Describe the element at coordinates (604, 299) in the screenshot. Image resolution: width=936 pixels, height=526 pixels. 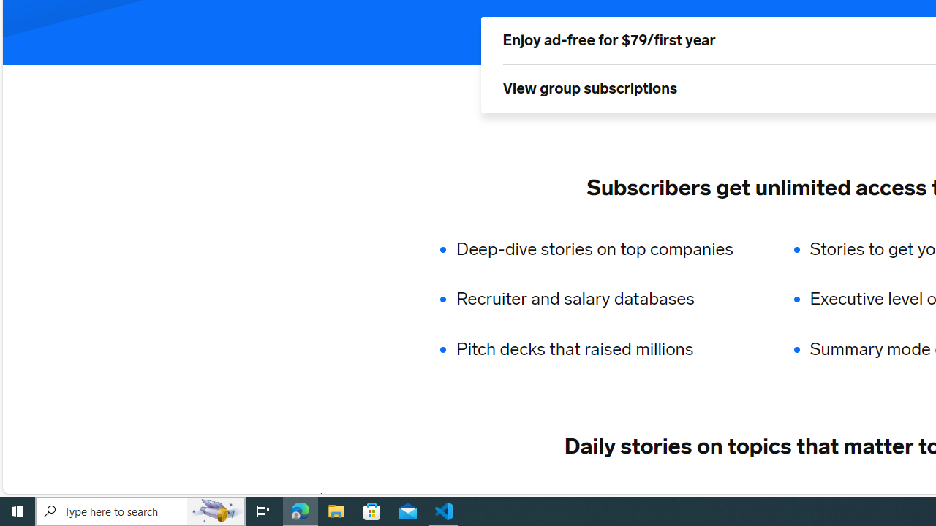
I see `'Recruiter and salary databases'` at that location.